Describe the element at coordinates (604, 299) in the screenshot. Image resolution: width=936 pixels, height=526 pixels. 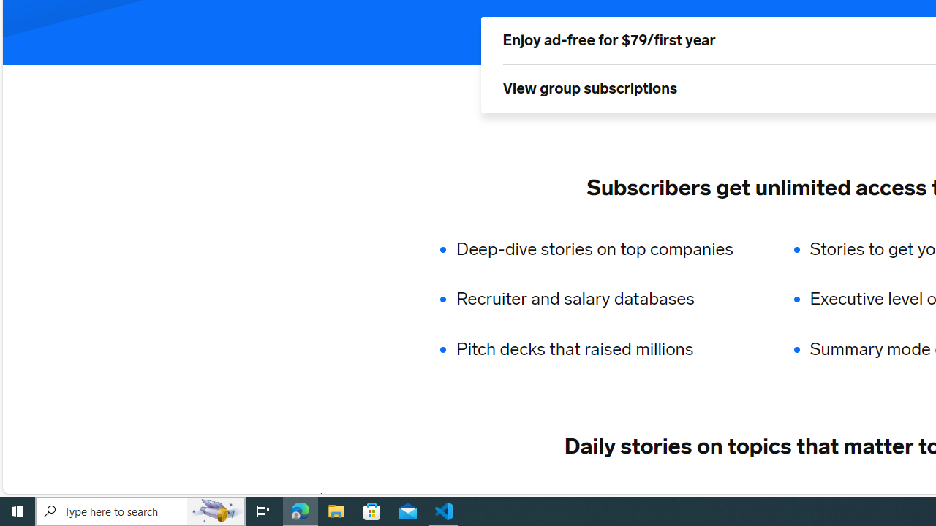
I see `'Recruiter and salary databases'` at that location.